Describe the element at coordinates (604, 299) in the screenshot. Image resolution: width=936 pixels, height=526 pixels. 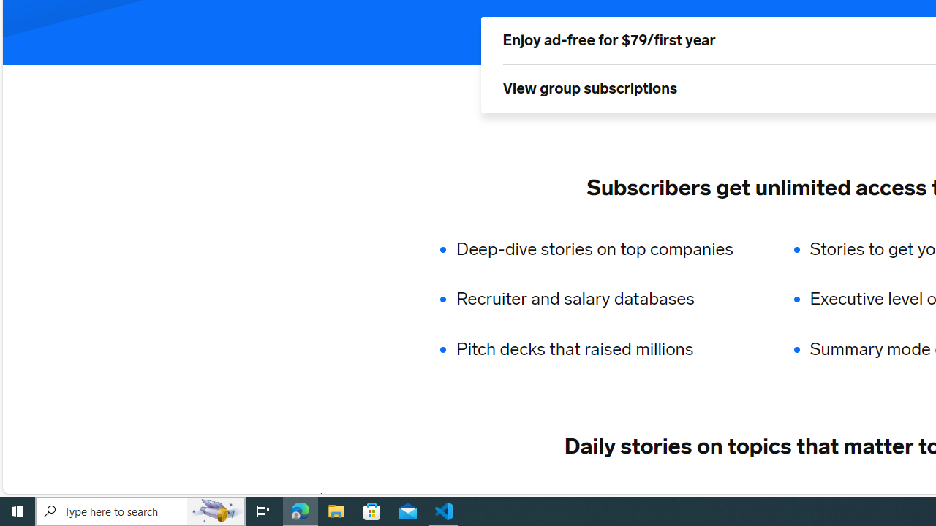
I see `'Recruiter and salary databases'` at that location.